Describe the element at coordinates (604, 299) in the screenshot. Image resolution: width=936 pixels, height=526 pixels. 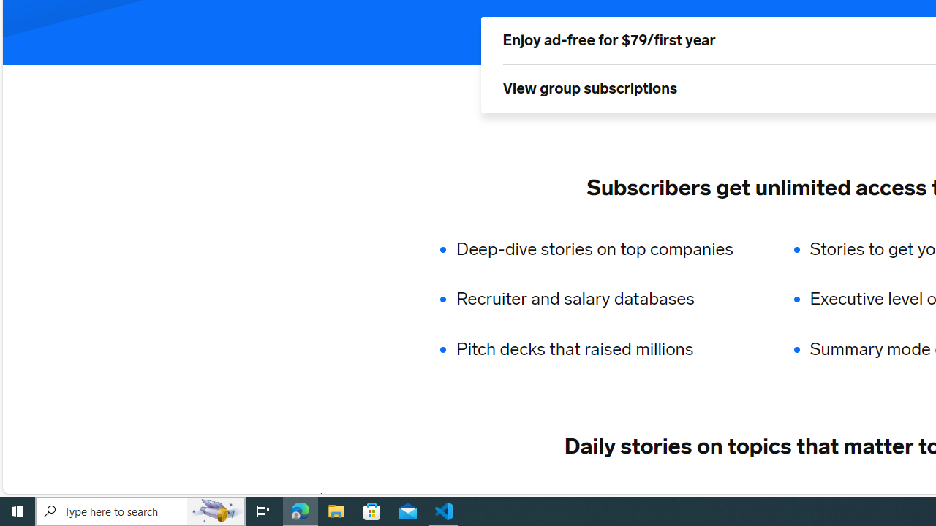
I see `'Recruiter and salary databases'` at that location.